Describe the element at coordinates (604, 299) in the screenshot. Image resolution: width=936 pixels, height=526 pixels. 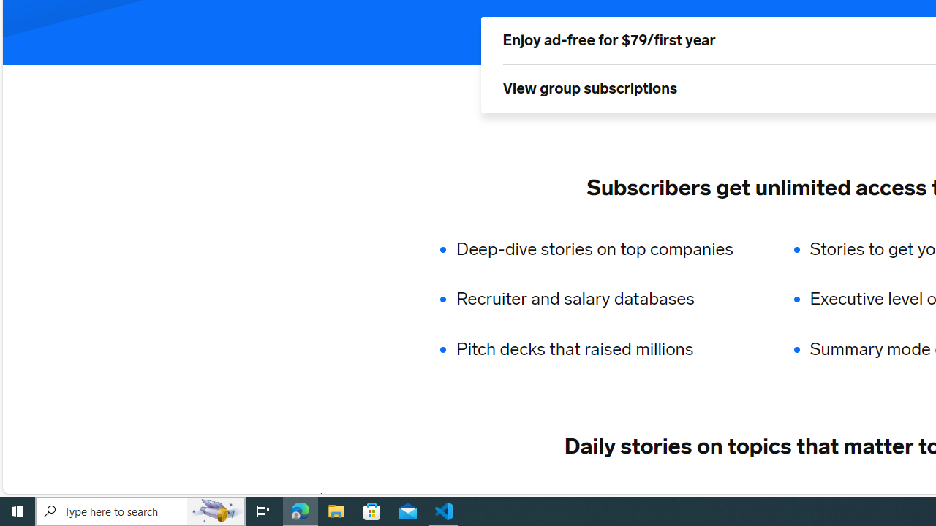
I see `'Recruiter and salary databases'` at that location.